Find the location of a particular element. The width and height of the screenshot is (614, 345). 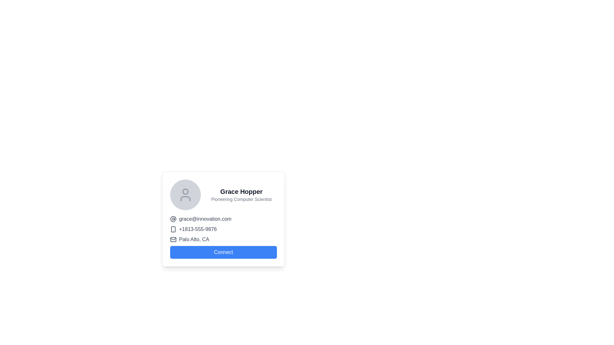

the envelope icon located to the left of the text 'Palo Alto, CA' is located at coordinates (173, 239).